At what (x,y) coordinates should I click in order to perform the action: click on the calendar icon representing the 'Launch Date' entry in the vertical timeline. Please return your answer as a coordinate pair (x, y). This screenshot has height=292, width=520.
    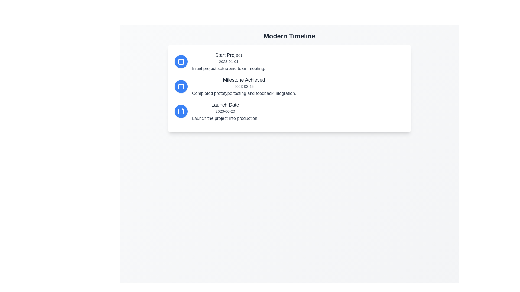
    Looking at the image, I should click on (181, 111).